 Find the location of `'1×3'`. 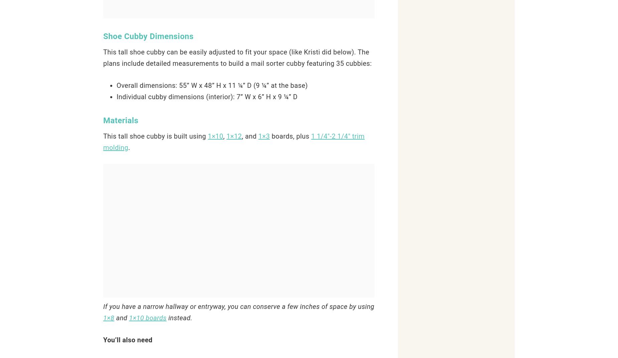

'1×3' is located at coordinates (264, 136).